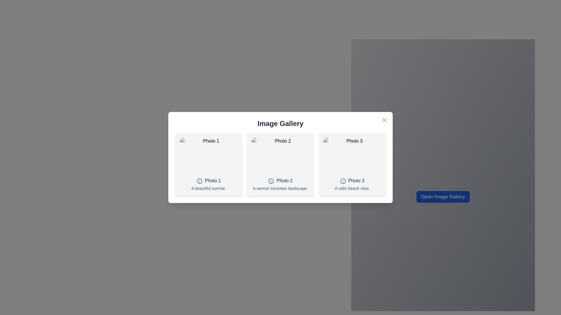  Describe the element at coordinates (200, 181) in the screenshot. I see `the informational icon located below the 'Photo 1' label in the first photo card of the 'Image Gallery' modal, which is represented by the SVG element with the class 'lucide lucide-info'` at that location.